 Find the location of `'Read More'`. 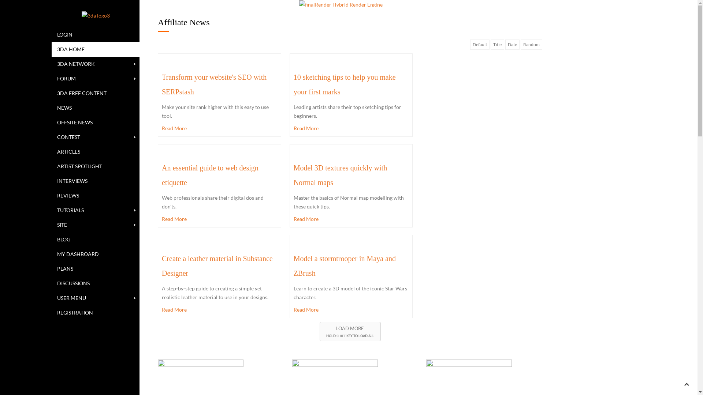

'Read More' is located at coordinates (161, 218).